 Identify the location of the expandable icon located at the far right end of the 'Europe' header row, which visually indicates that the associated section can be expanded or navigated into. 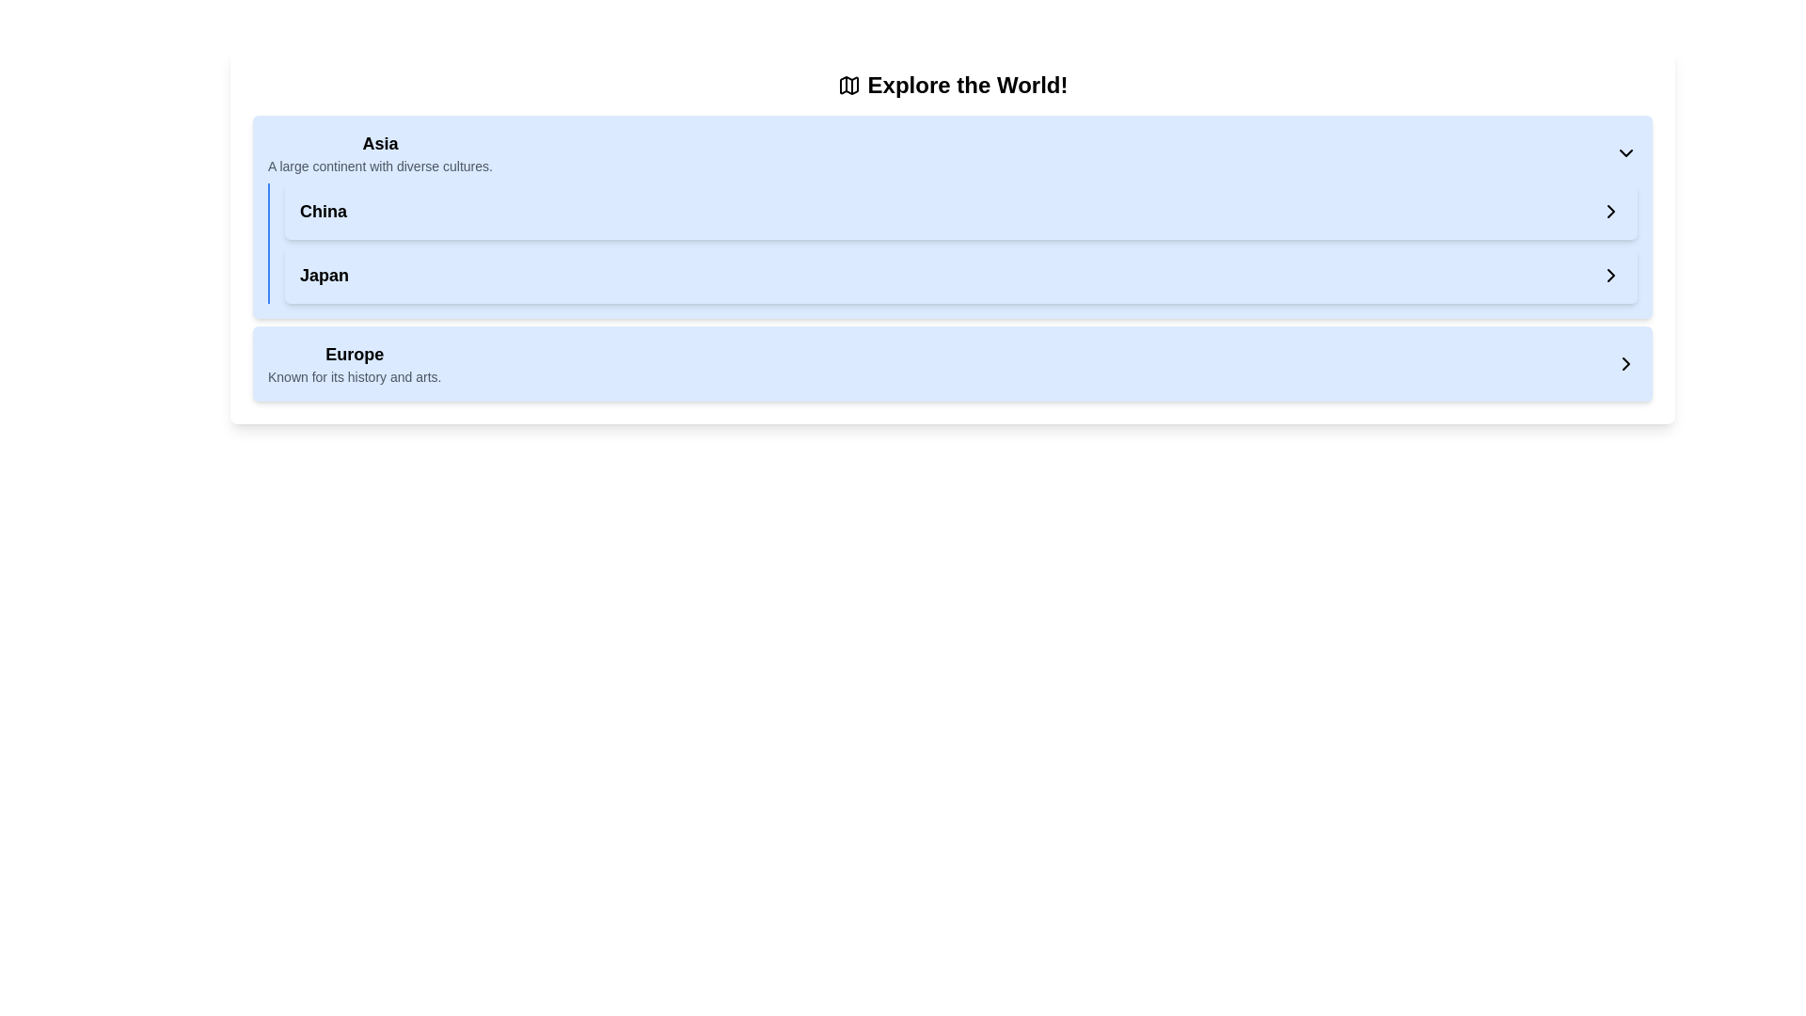
(1624, 363).